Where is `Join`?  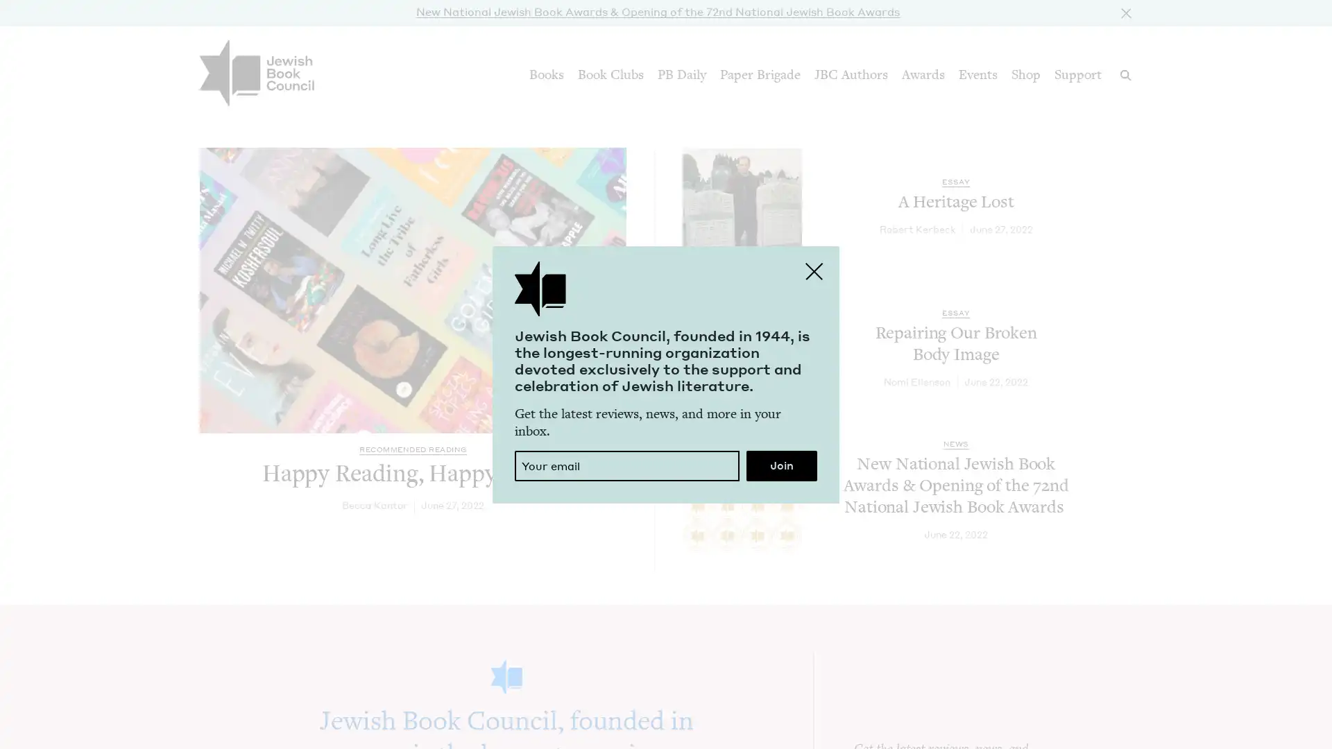 Join is located at coordinates (782, 465).